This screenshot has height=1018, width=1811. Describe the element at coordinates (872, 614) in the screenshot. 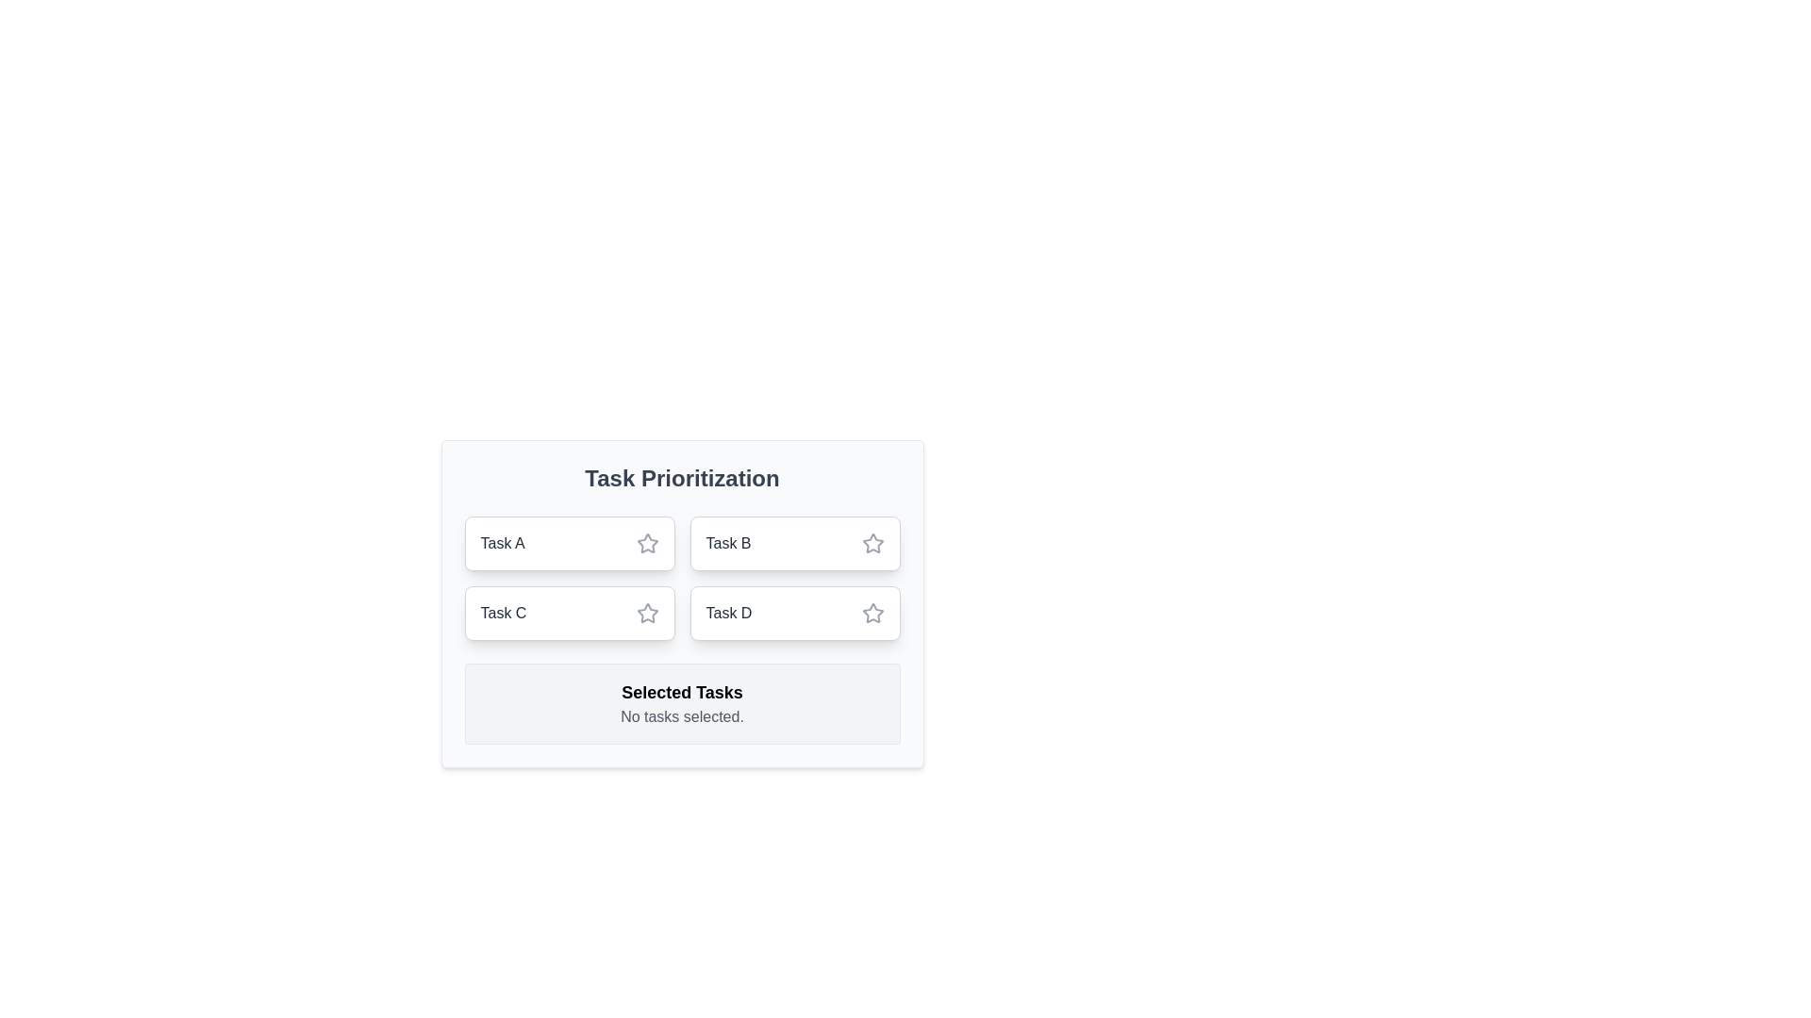

I see `the icon of the task chip for the task Task D` at that location.